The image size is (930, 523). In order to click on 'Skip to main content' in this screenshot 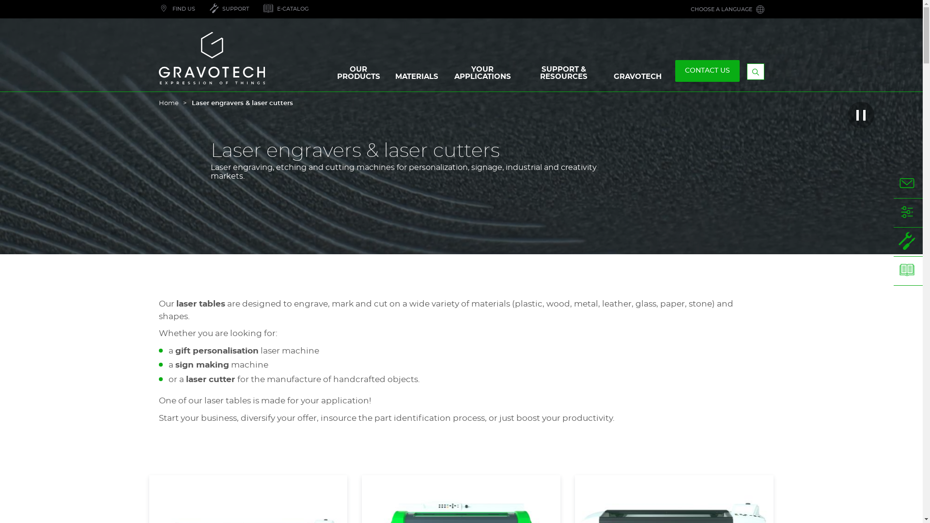, I will do `click(0, 0)`.